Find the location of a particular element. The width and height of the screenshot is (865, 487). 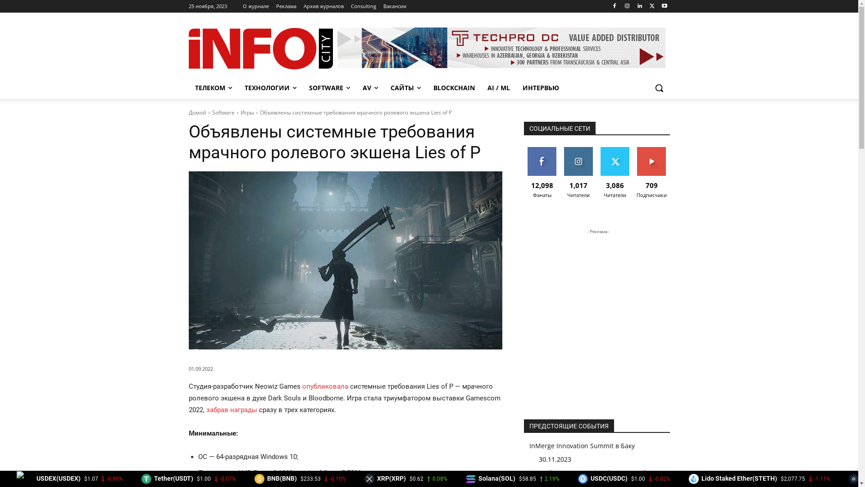

'Youtube' is located at coordinates (665, 6).